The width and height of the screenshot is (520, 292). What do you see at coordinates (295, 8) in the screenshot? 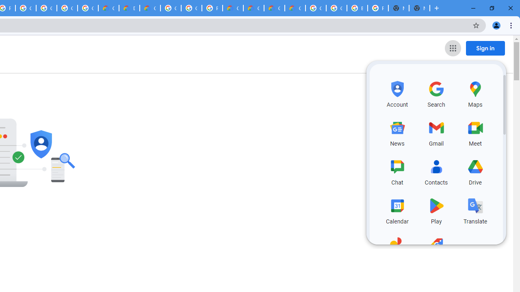
I see `'Google Cloud Service Health'` at bounding box center [295, 8].